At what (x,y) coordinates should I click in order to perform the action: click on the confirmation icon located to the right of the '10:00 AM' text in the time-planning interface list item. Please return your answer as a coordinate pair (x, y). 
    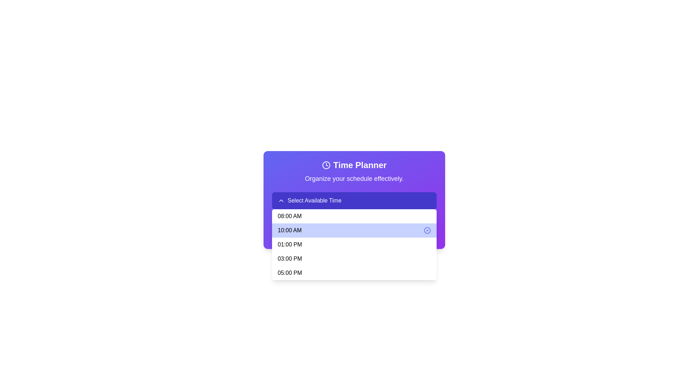
    Looking at the image, I should click on (427, 231).